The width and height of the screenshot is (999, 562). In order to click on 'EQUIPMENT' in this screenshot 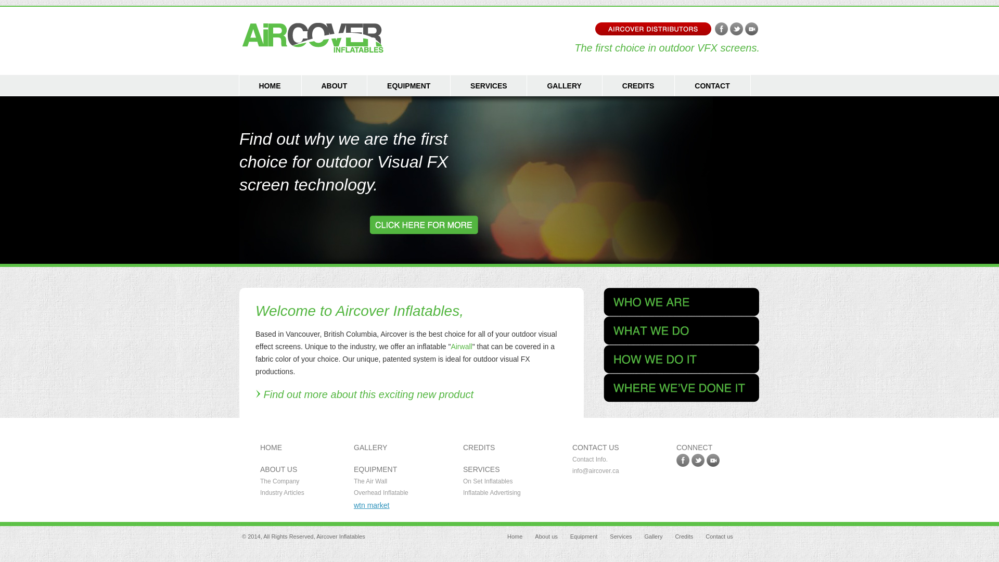, I will do `click(375, 469)`.